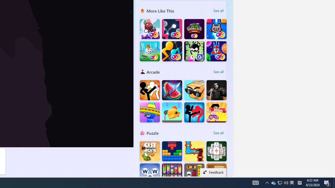 Image resolution: width=335 pixels, height=188 pixels. What do you see at coordinates (216, 151) in the screenshot?
I see `'Solitaire Mahjong Classic'` at bounding box center [216, 151].